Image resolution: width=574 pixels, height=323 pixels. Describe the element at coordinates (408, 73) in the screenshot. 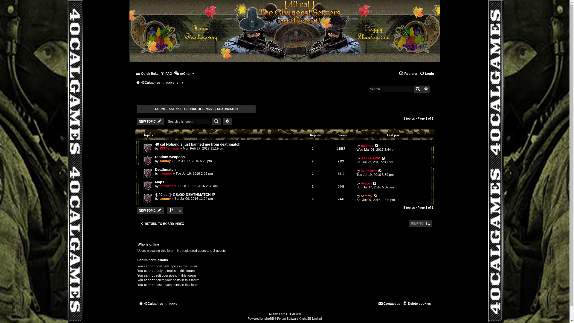

I see `'Register'` at that location.